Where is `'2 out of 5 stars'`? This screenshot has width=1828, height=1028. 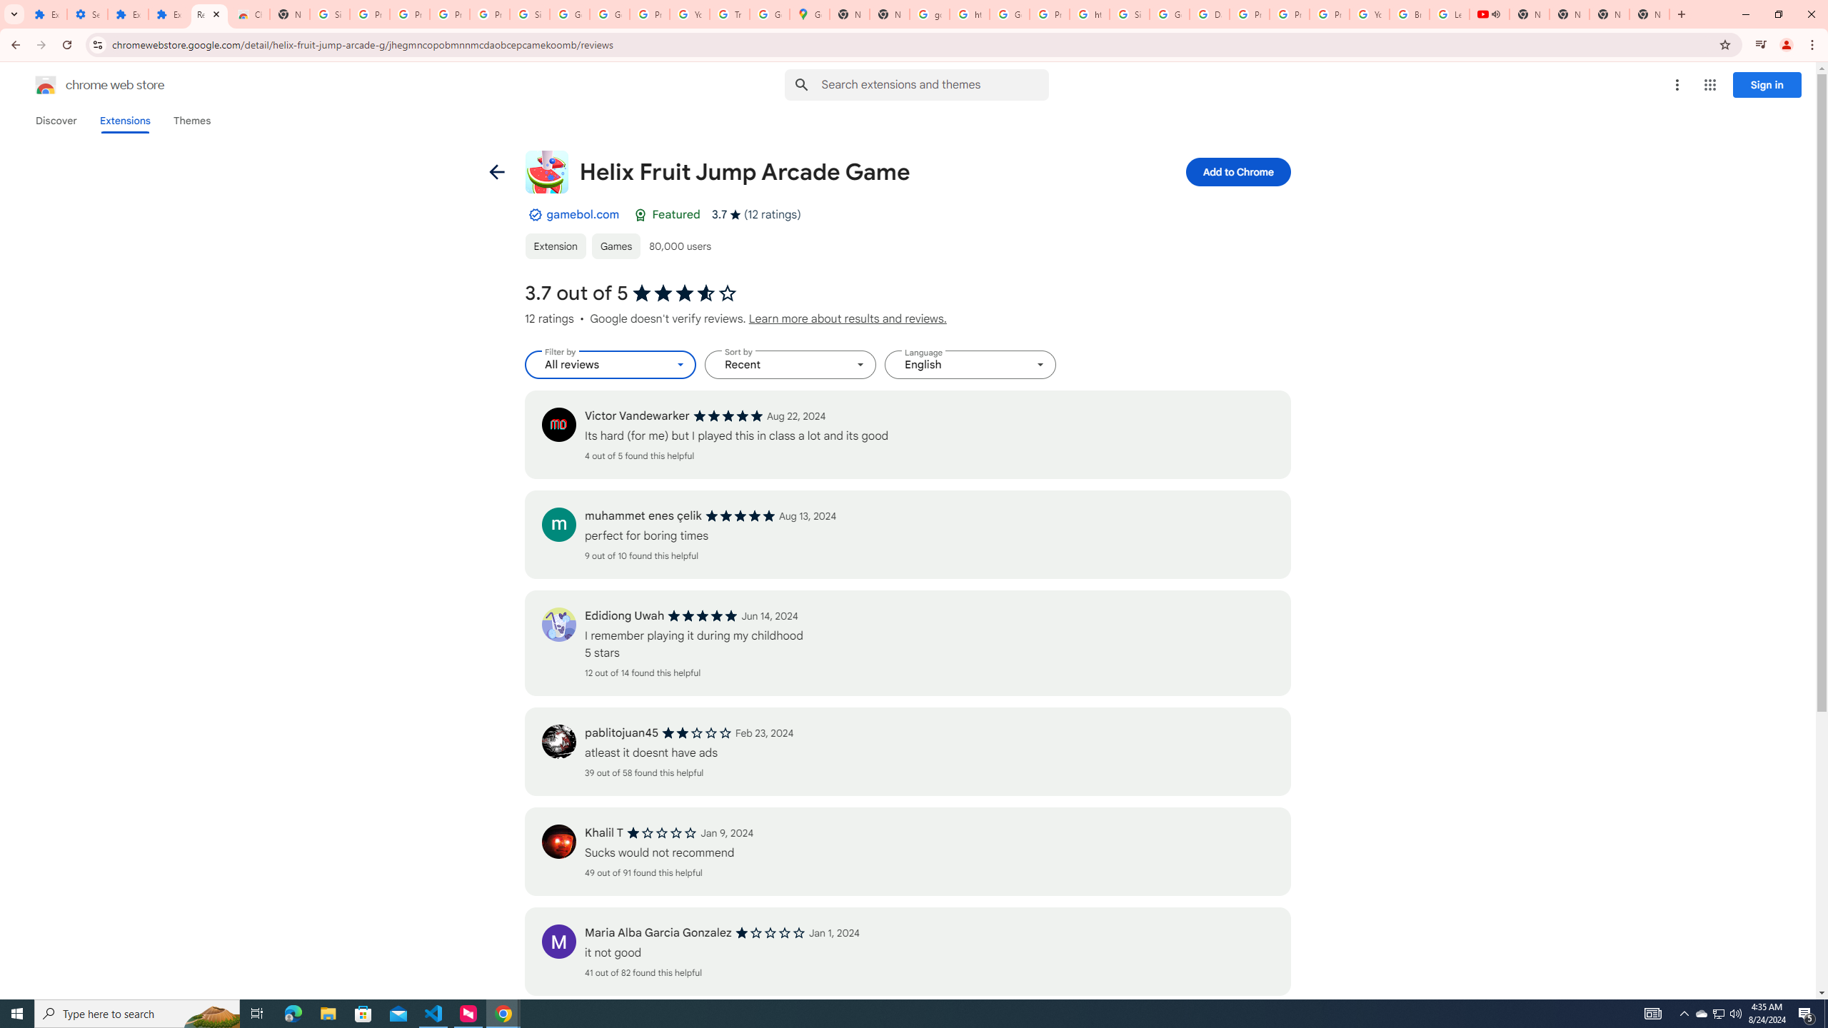
'2 out of 5 stars' is located at coordinates (696, 732).